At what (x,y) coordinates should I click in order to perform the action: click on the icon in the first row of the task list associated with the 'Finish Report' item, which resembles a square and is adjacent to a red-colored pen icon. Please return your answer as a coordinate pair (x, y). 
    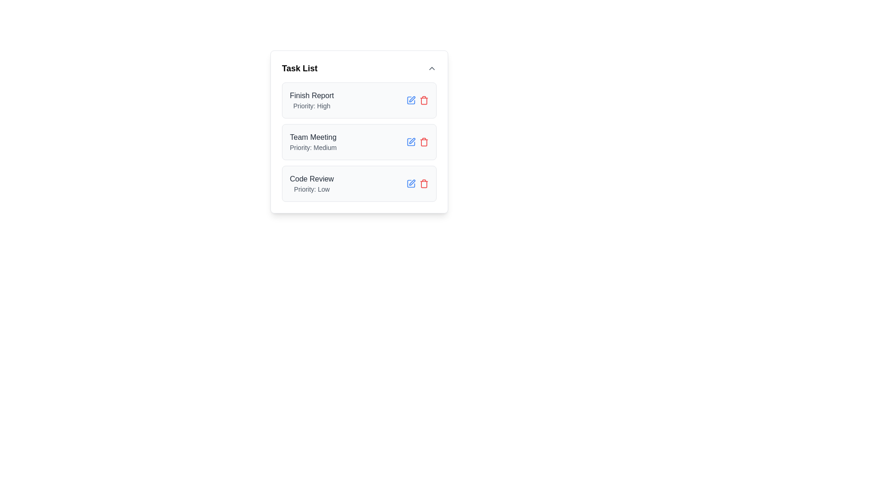
    Looking at the image, I should click on (411, 100).